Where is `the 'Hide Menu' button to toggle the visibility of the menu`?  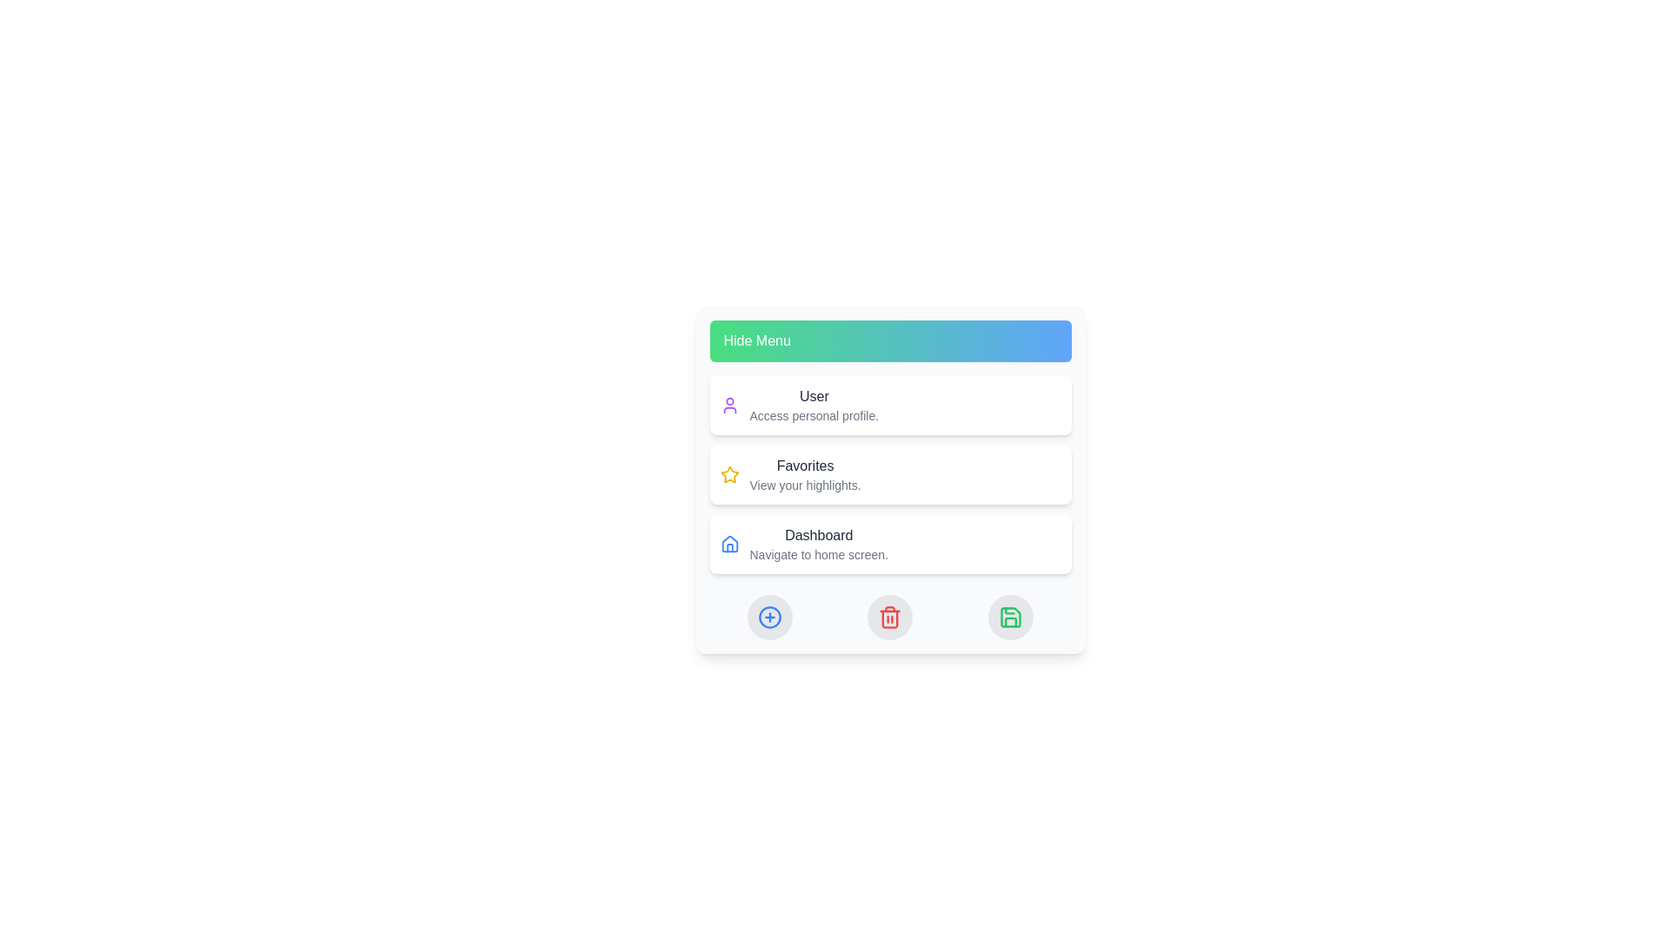
the 'Hide Menu' button to toggle the visibility of the menu is located at coordinates (890, 341).